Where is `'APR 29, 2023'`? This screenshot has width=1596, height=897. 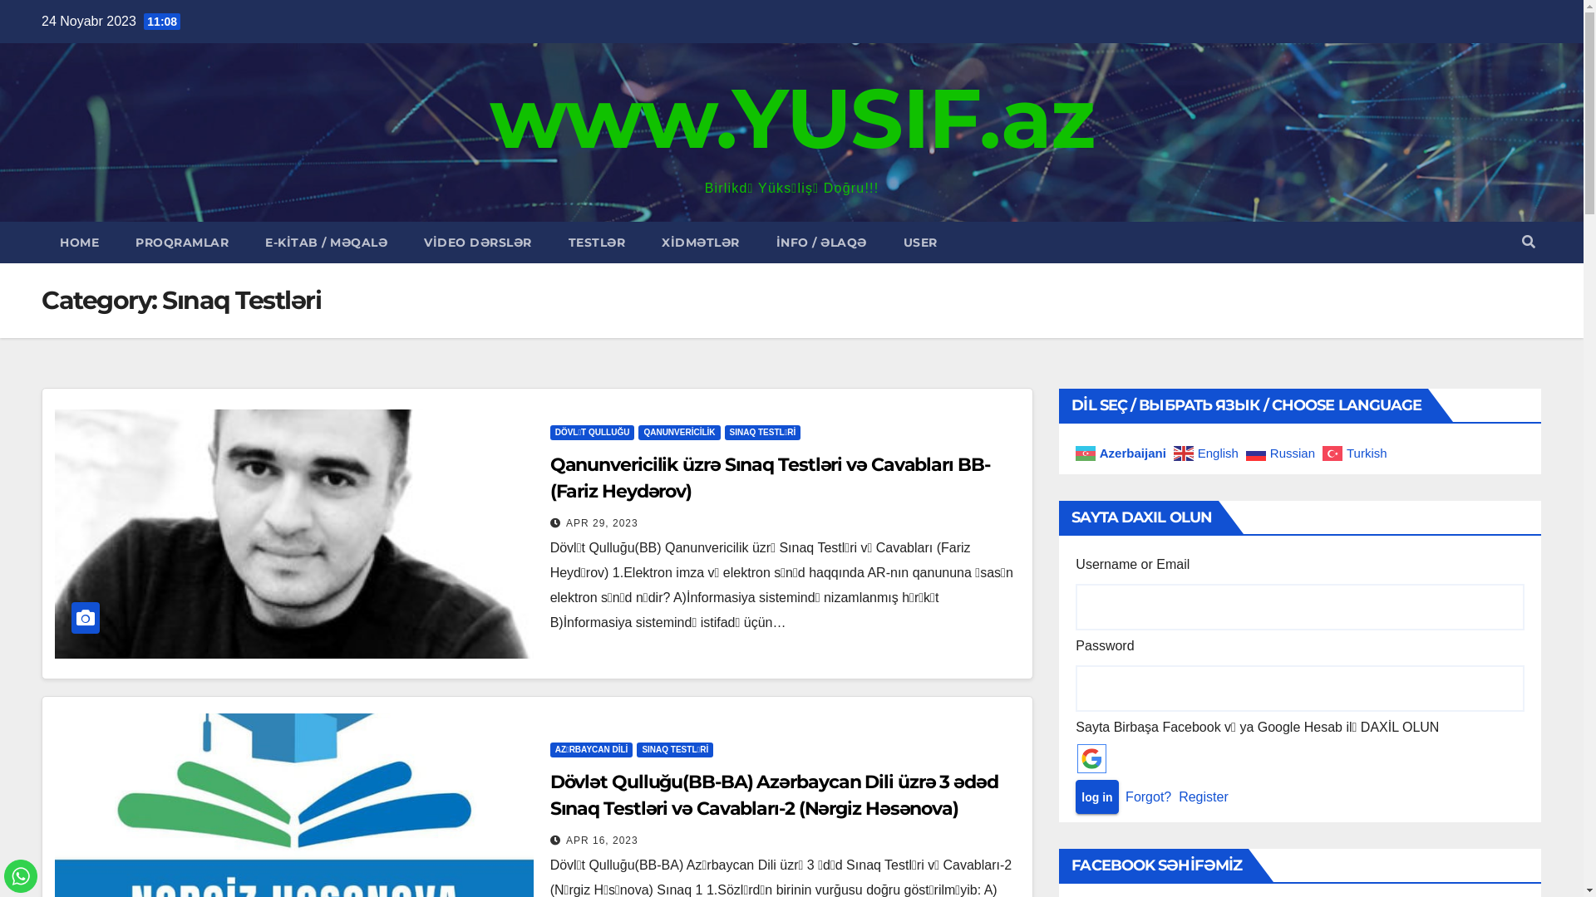 'APR 29, 2023' is located at coordinates (601, 522).